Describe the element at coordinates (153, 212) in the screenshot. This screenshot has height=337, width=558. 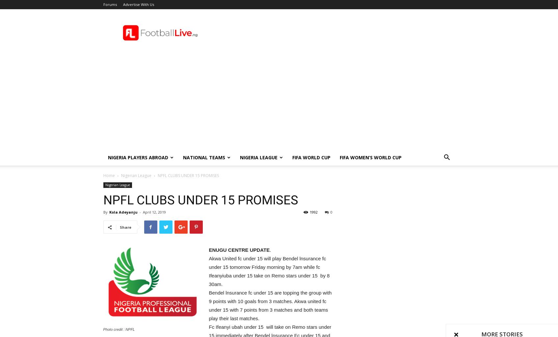
I see `'April 12, 2019'` at that location.